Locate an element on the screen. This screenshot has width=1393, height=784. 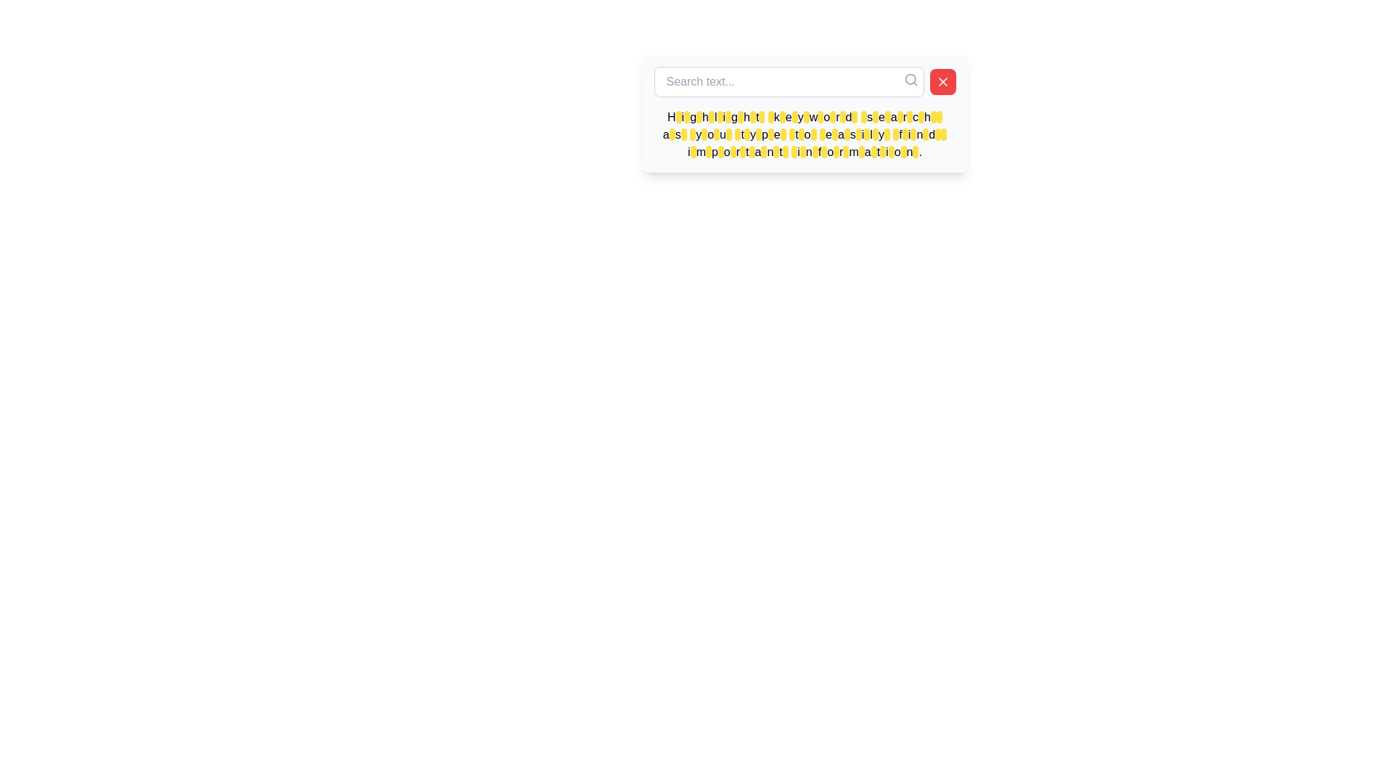
the 41st Highlight marker element within the text box to visually emphasize a specific portion of the content is located at coordinates (858, 134).